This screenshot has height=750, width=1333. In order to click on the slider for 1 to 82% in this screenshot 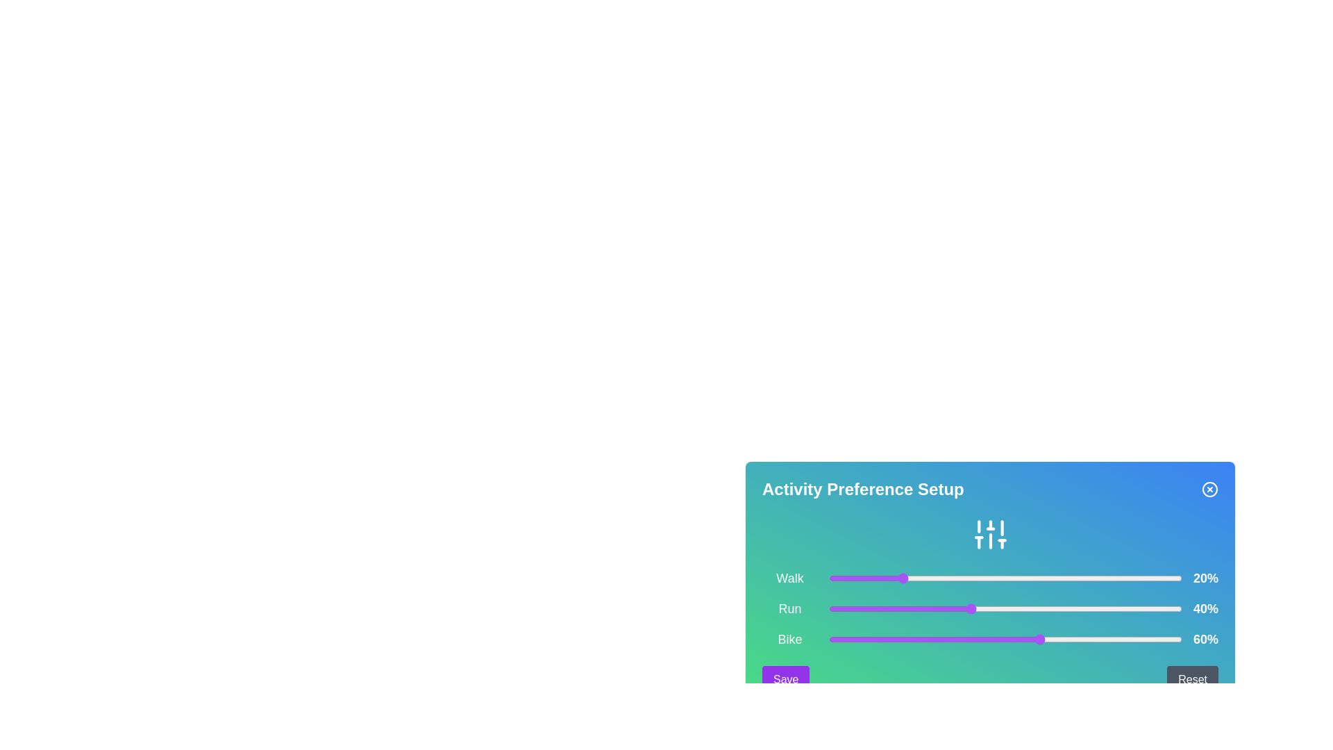, I will do `click(1118, 608)`.